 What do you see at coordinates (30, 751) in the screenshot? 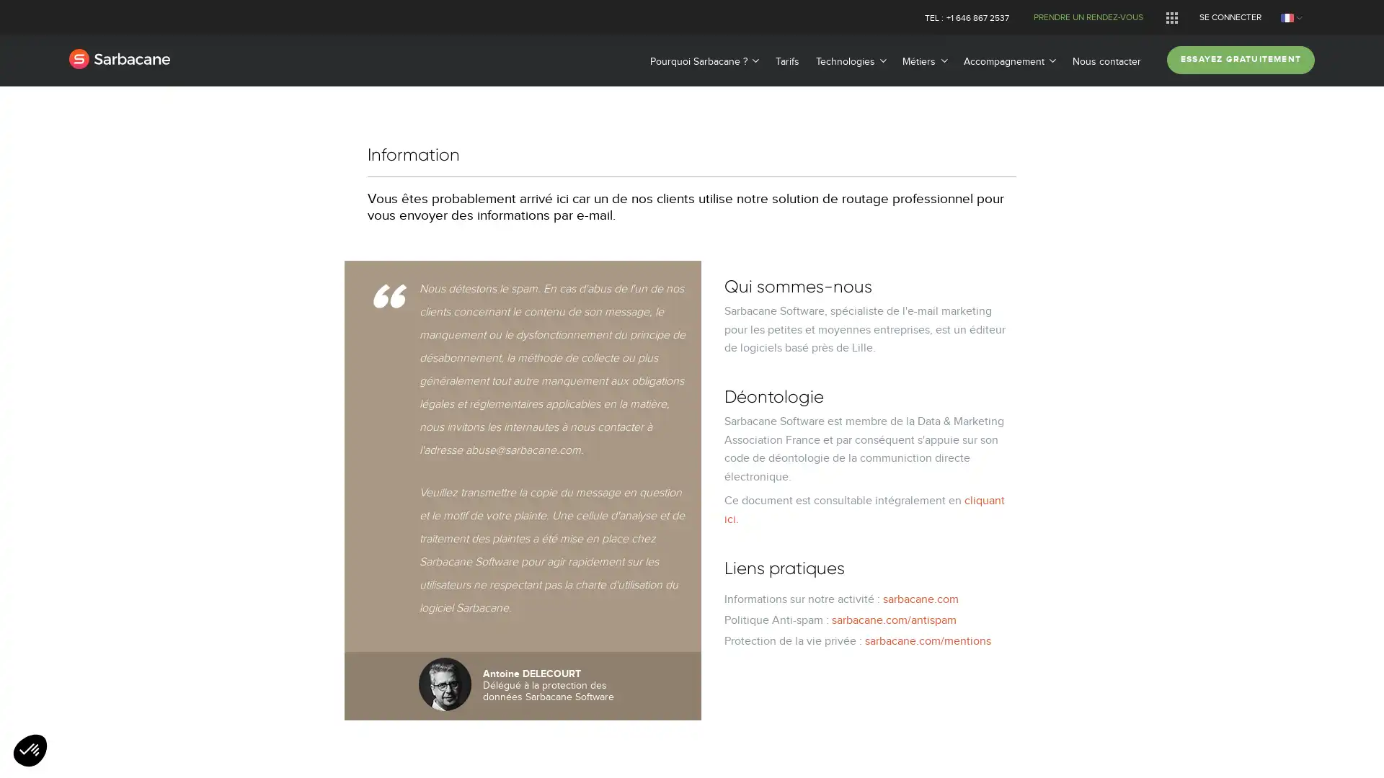
I see `Manage your preferences about cookies` at bounding box center [30, 751].